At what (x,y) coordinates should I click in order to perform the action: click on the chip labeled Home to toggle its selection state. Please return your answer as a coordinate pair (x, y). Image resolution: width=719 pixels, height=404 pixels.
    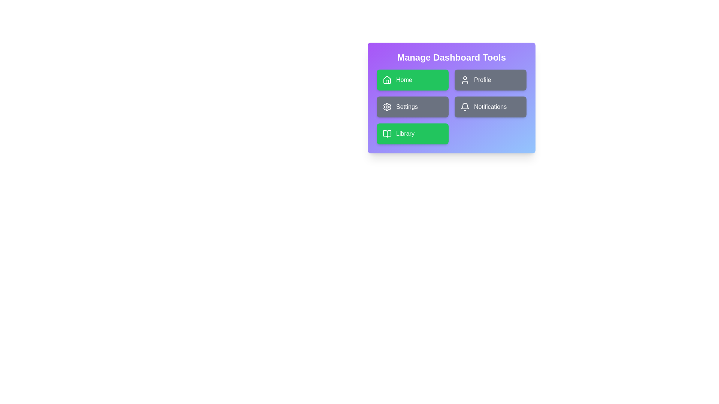
    Looking at the image, I should click on (412, 80).